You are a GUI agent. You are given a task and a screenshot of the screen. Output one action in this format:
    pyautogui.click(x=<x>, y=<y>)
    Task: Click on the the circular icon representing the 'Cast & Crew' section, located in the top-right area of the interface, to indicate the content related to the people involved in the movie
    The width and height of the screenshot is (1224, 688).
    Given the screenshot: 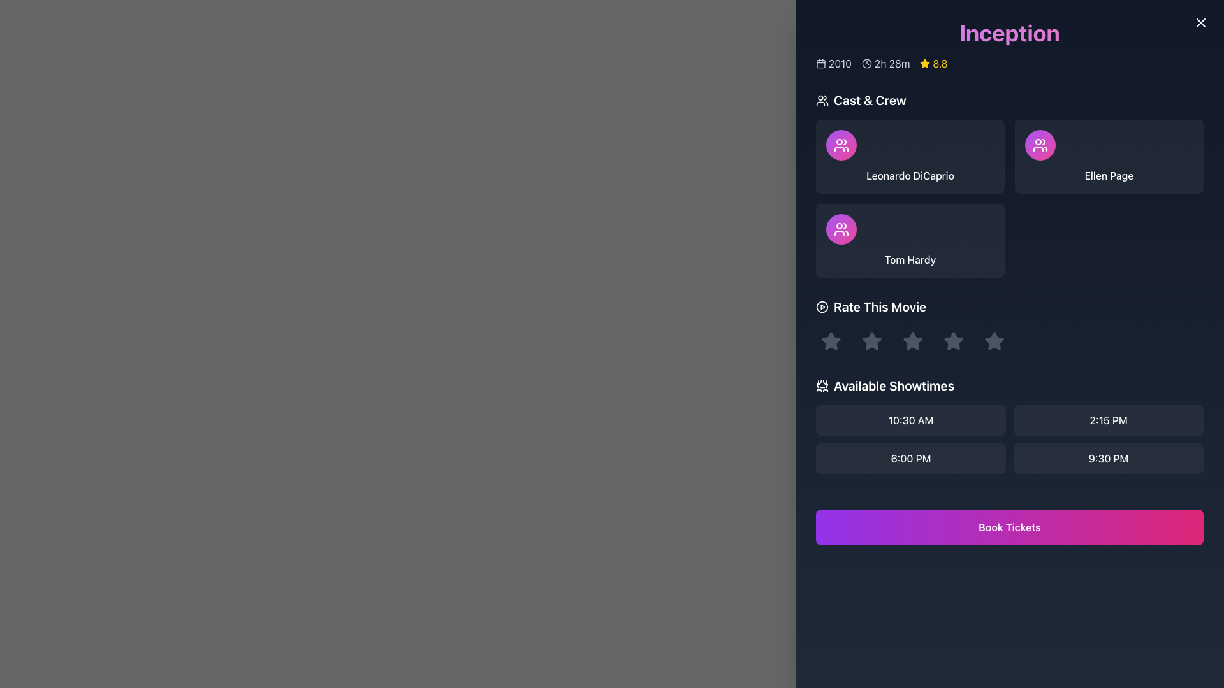 What is the action you would take?
    pyautogui.click(x=1040, y=144)
    